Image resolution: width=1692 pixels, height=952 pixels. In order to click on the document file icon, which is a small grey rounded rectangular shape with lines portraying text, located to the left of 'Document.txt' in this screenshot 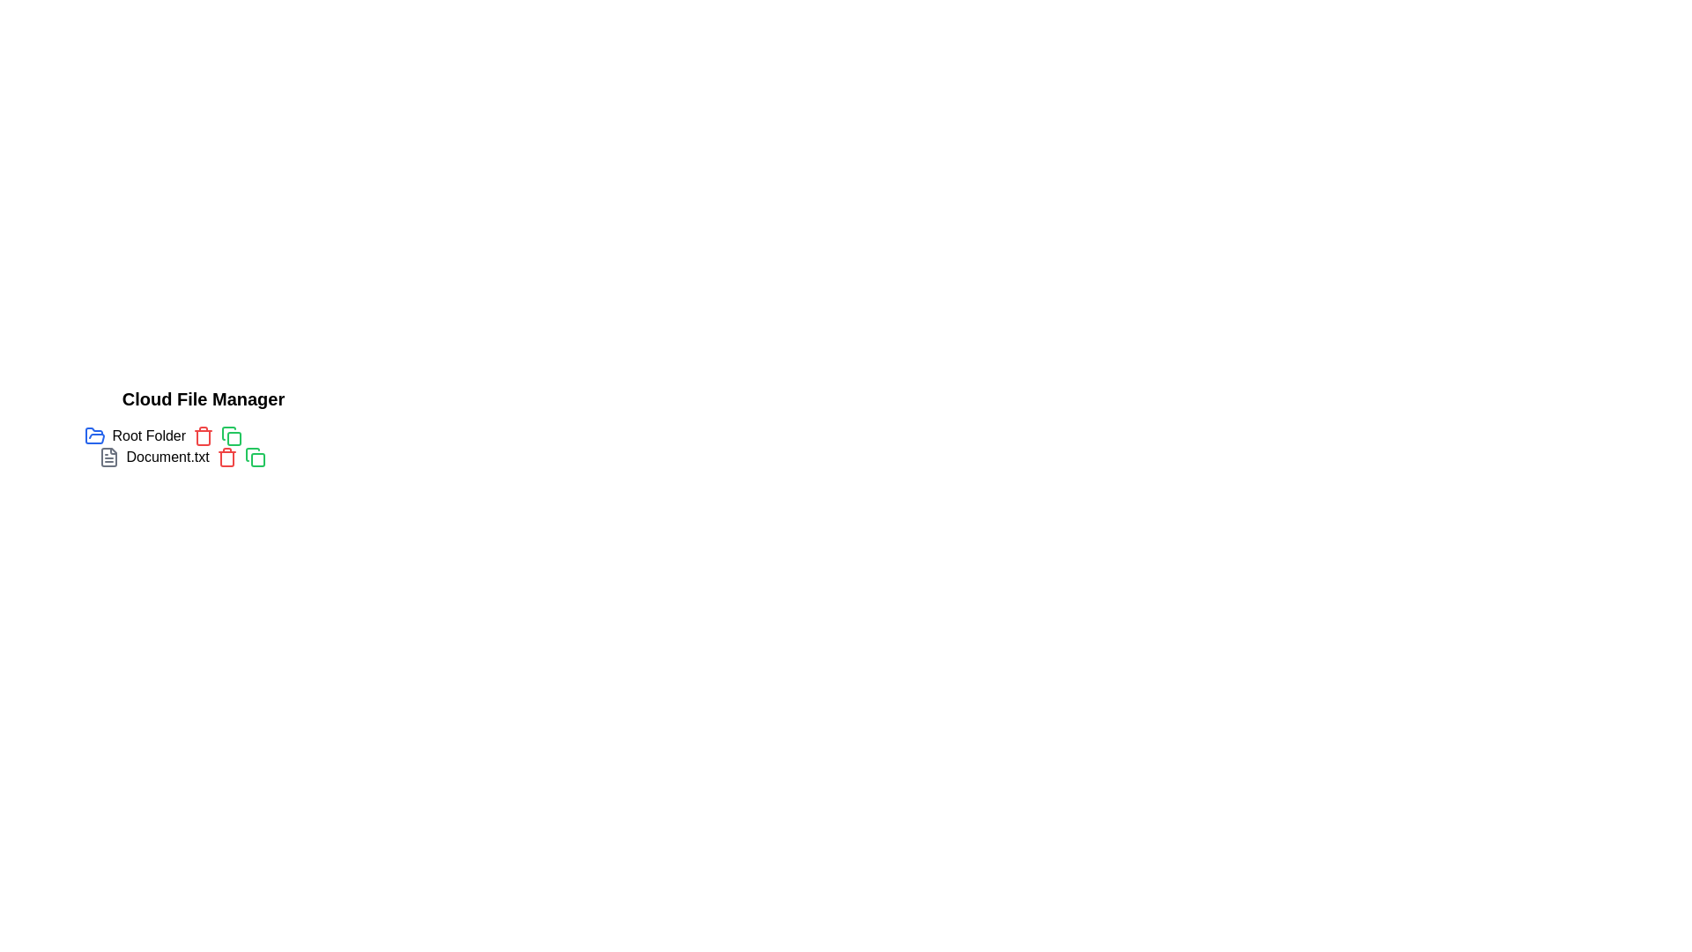, I will do `click(108, 457)`.